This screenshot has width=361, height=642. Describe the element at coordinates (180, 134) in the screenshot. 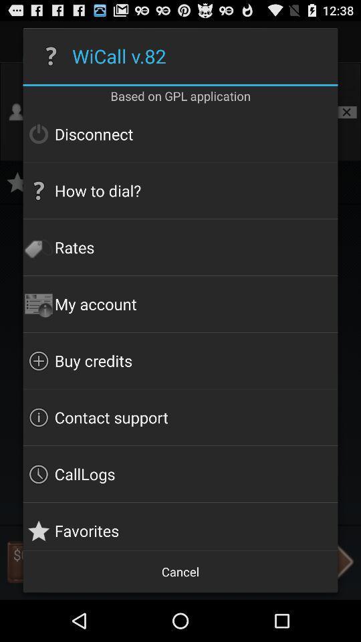

I see `the disconnect` at that location.